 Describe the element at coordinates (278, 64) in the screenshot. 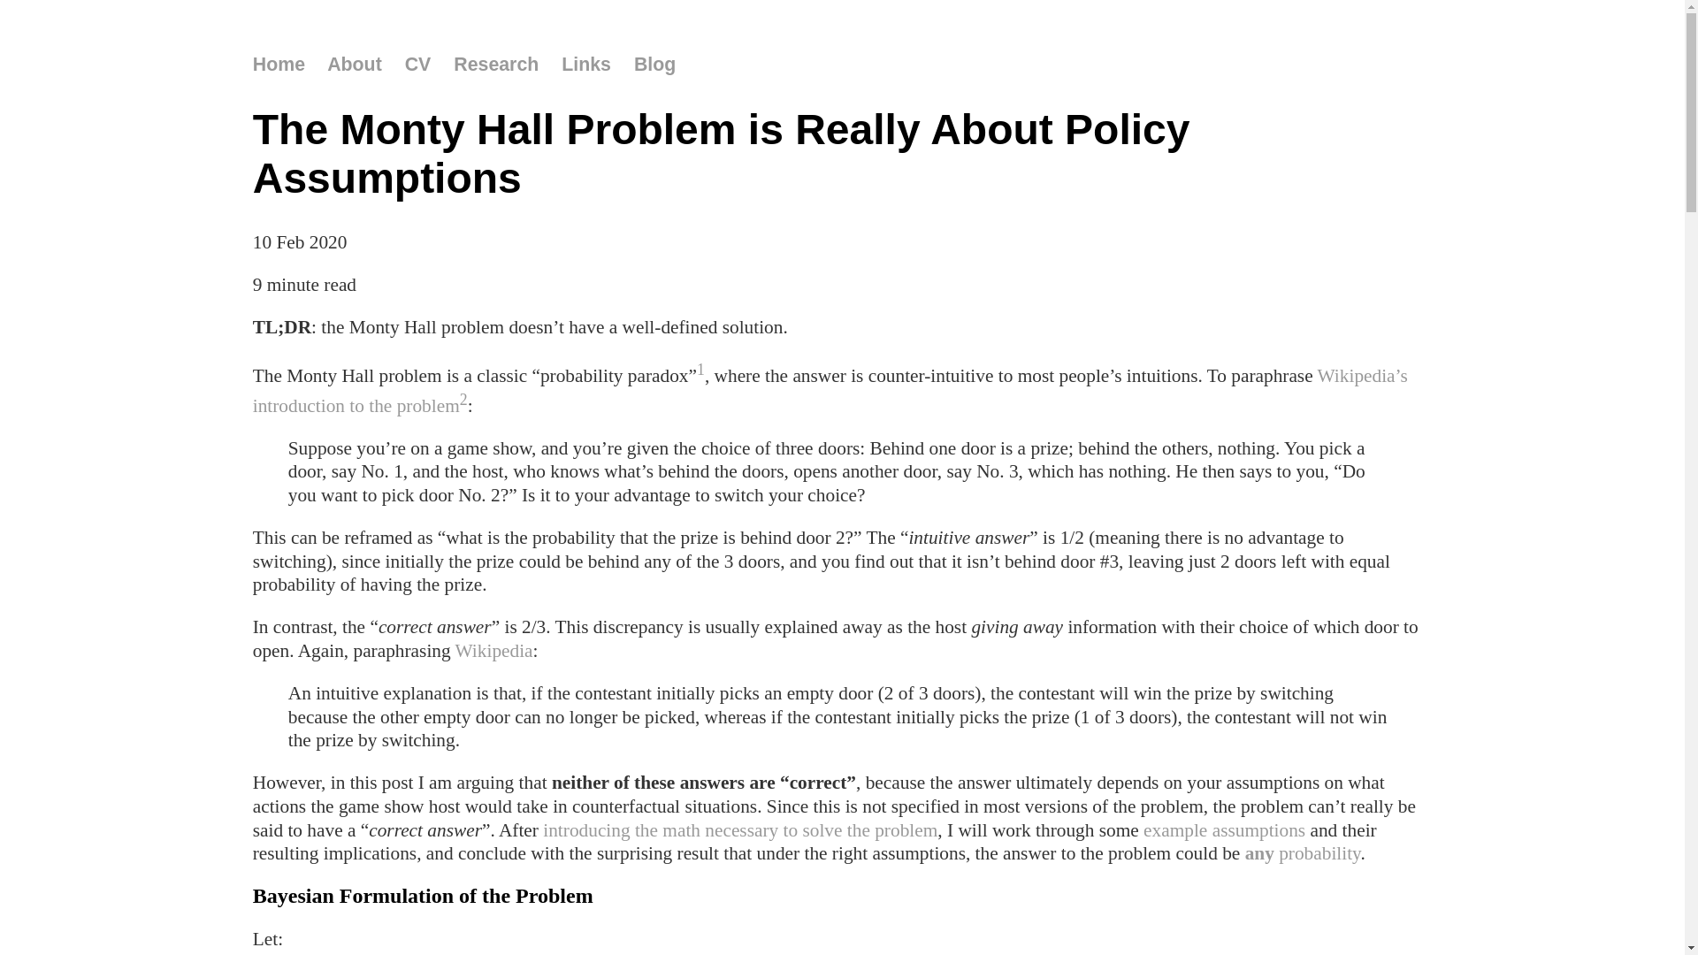

I see `'Home'` at that location.